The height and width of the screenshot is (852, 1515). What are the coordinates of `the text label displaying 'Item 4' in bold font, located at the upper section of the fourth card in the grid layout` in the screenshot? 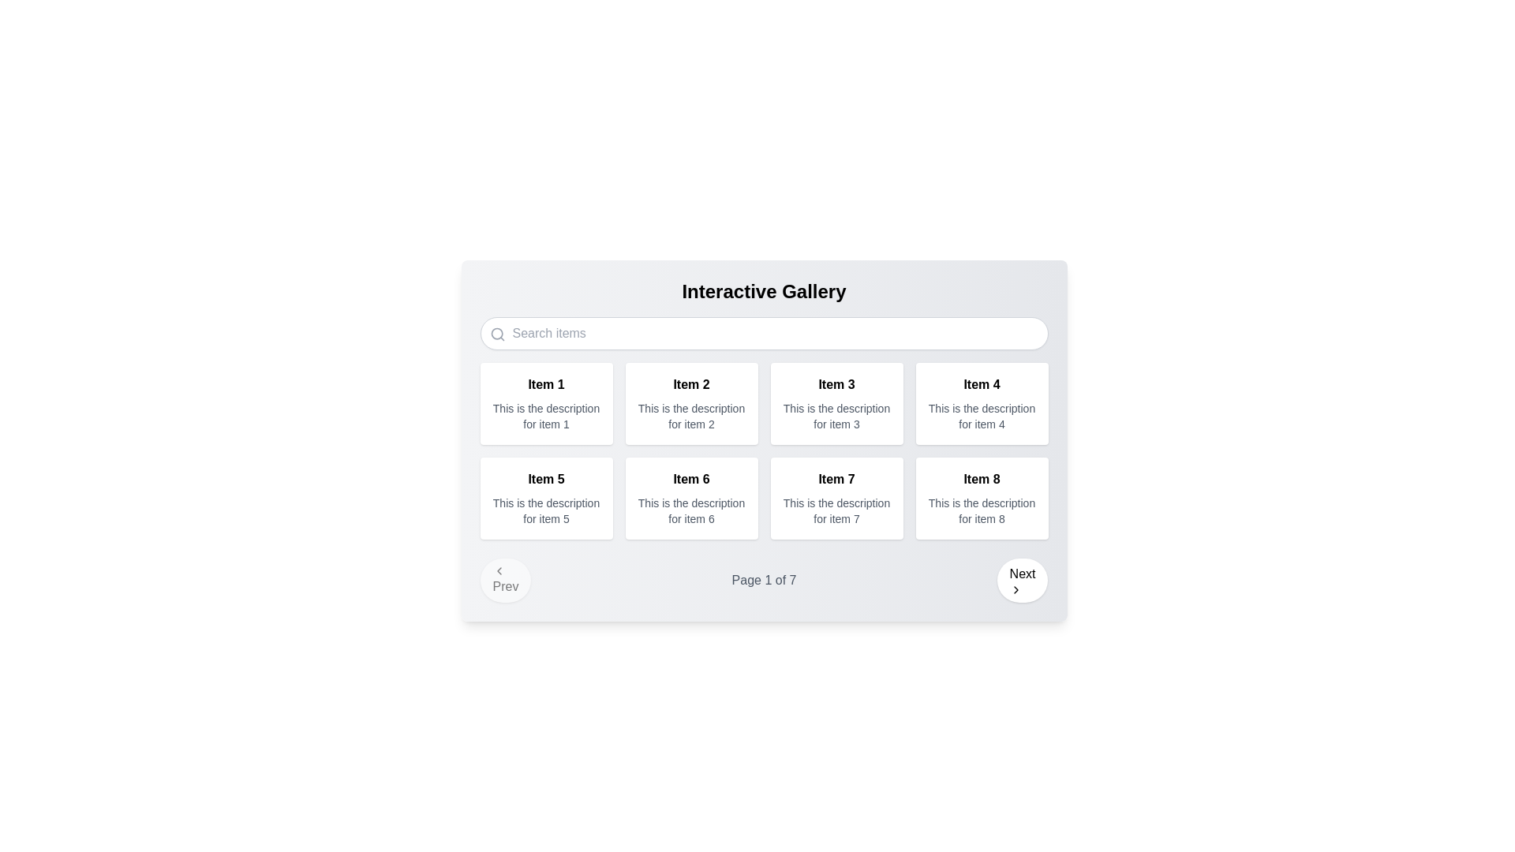 It's located at (981, 385).